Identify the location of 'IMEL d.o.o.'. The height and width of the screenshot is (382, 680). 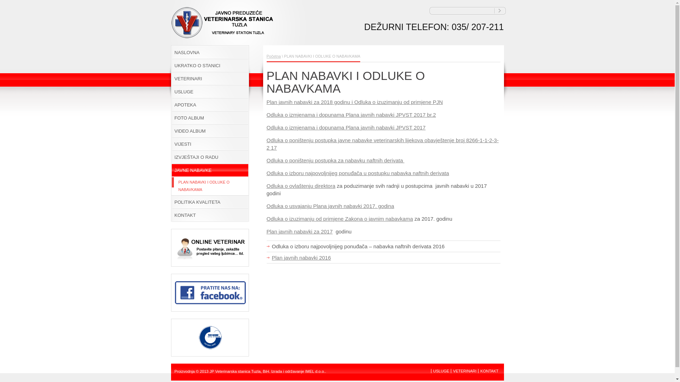
(314, 371).